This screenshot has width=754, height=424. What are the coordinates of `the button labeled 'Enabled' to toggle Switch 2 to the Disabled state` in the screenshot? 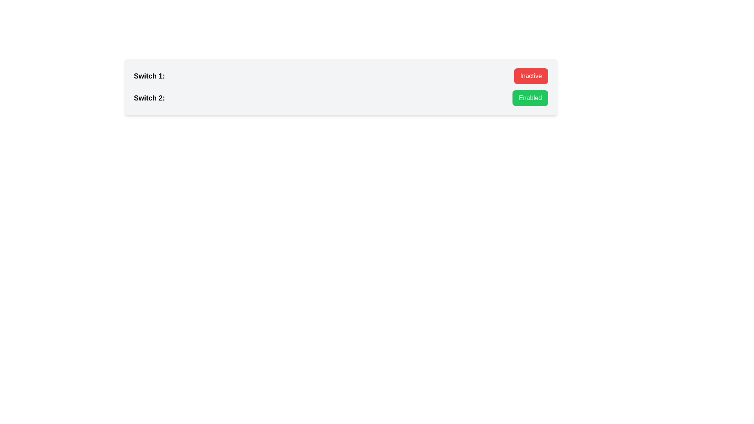 It's located at (530, 98).